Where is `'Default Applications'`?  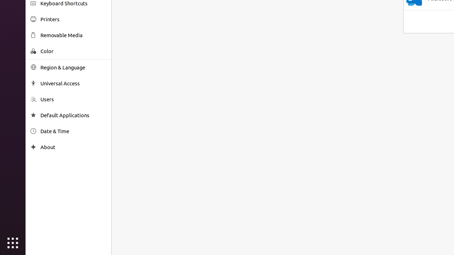
'Default Applications' is located at coordinates (73, 115).